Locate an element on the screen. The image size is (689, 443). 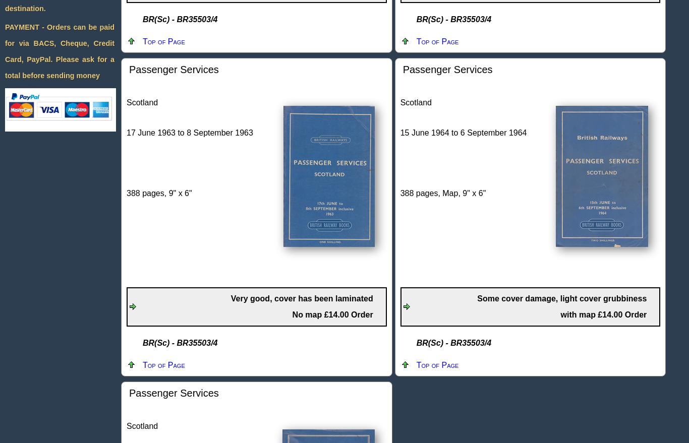
'with map £14.00 Order' is located at coordinates (603, 314).